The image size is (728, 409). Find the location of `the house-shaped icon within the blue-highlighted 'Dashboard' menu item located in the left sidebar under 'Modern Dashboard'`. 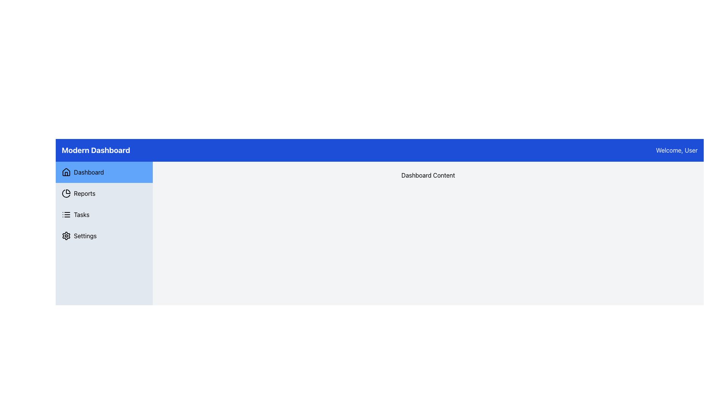

the house-shaped icon within the blue-highlighted 'Dashboard' menu item located in the left sidebar under 'Modern Dashboard' is located at coordinates (66, 172).